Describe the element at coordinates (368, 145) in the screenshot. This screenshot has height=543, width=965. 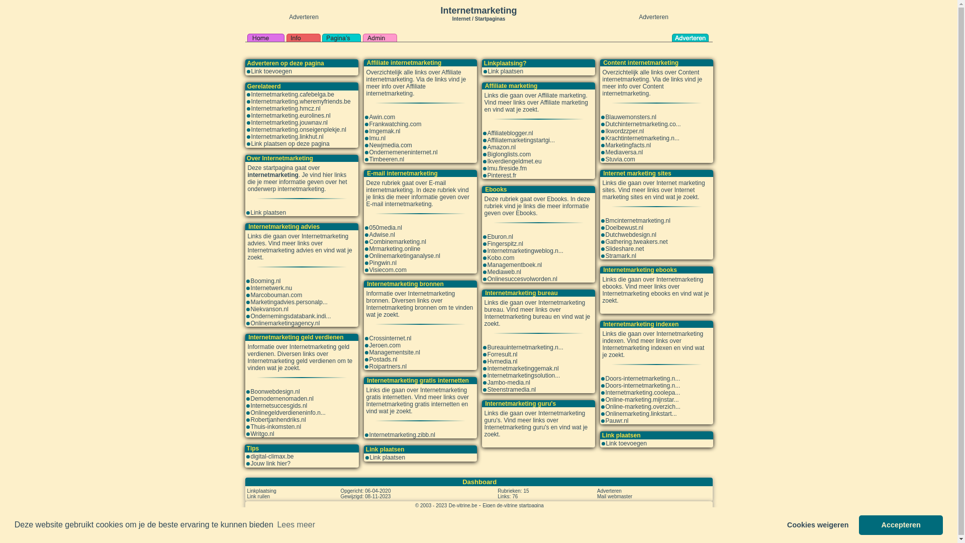
I see `'Newjmedia.com'` at that location.